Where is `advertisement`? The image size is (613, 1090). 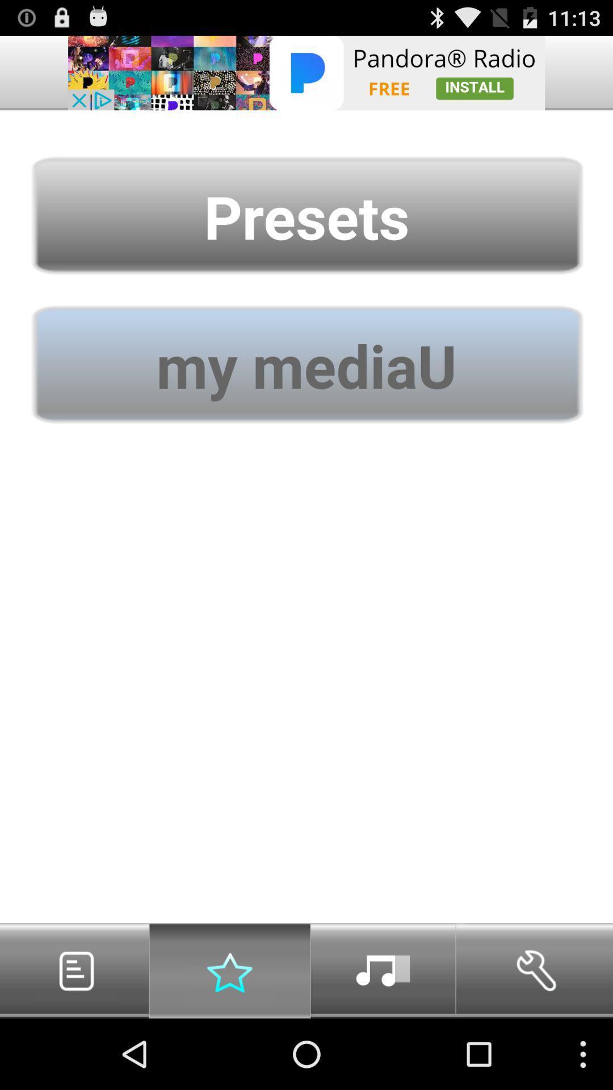 advertisement is located at coordinates (306, 72).